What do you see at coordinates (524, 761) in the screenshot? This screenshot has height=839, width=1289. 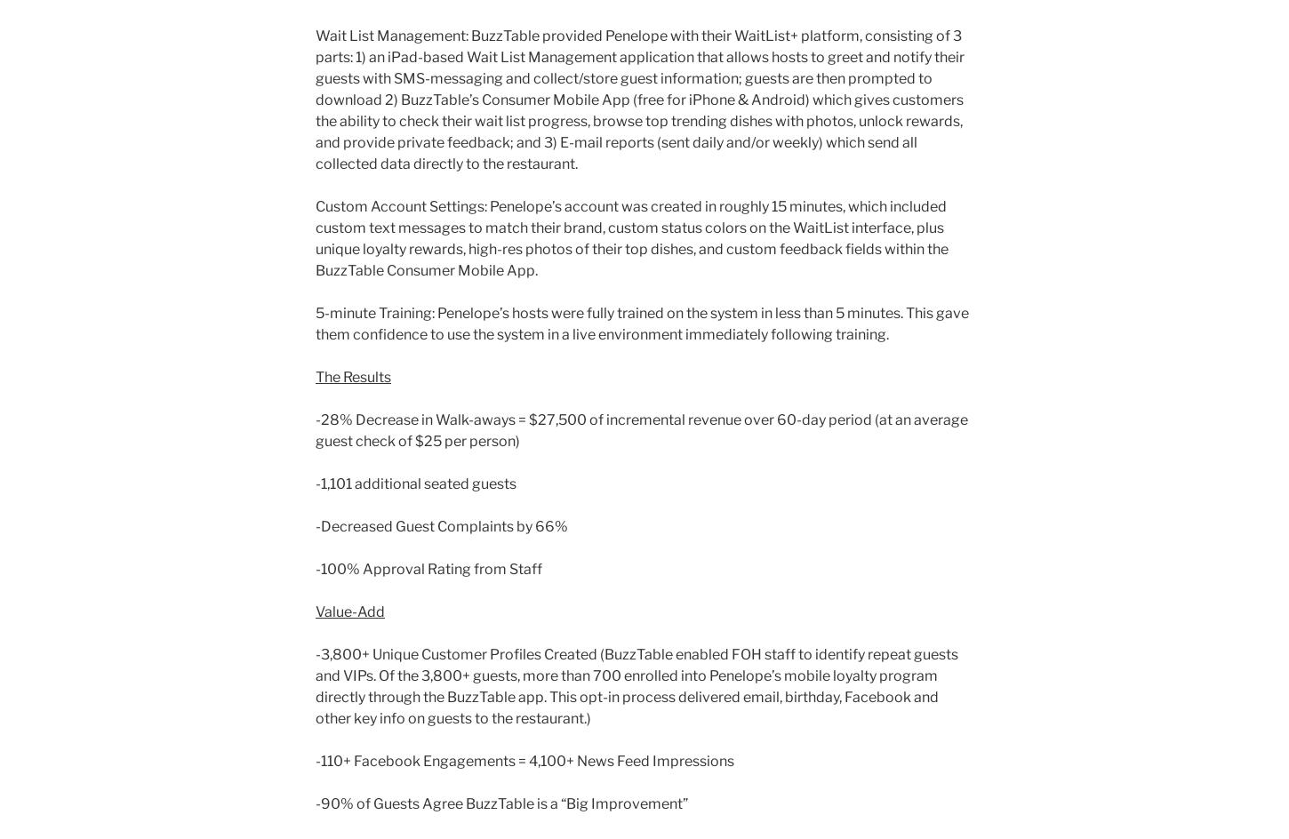 I see `'-110+ Facebook Engagements = 4,100+ News Feed Impressions'` at bounding box center [524, 761].